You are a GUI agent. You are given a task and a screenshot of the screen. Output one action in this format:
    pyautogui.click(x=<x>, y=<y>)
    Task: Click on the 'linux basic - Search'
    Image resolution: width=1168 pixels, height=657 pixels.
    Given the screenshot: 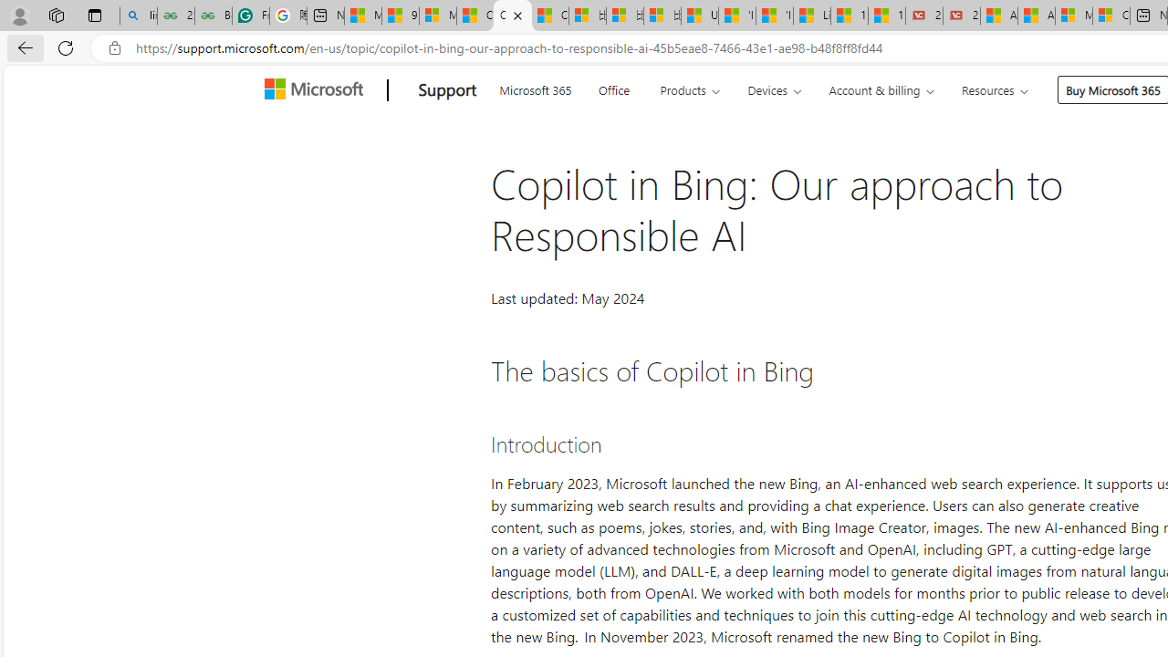 What is the action you would take?
    pyautogui.click(x=137, y=16)
    